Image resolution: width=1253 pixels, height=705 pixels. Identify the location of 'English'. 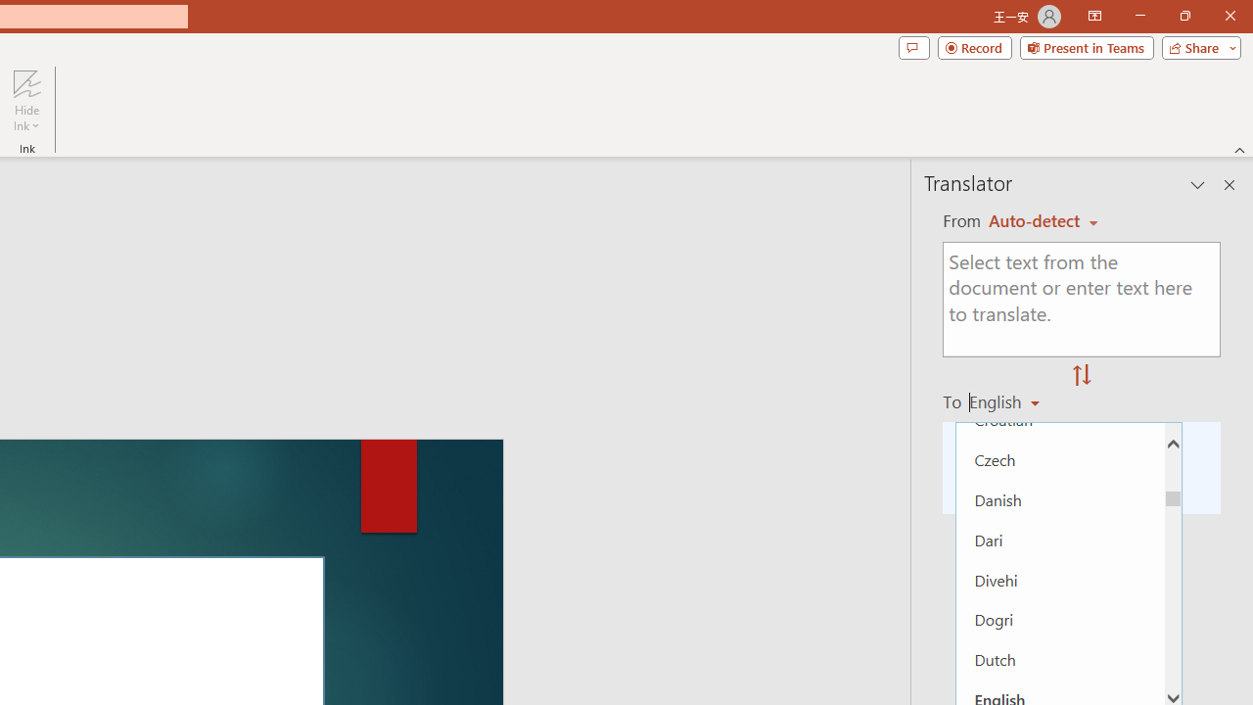
(1011, 400).